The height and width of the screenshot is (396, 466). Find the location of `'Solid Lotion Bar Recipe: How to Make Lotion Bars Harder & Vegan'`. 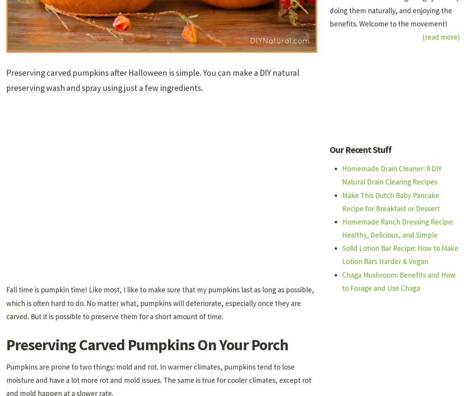

'Solid Lotion Bar Recipe: How to Make Lotion Bars Harder & Vegan' is located at coordinates (400, 254).